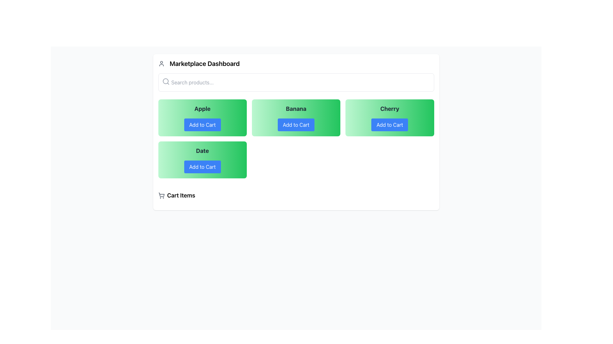 This screenshot has height=344, width=613. Describe the element at coordinates (205, 64) in the screenshot. I see `the Text Label that serves as a heading or title, located in the top-left region of the interface, directly to the right of a user icon and above a search bar` at that location.